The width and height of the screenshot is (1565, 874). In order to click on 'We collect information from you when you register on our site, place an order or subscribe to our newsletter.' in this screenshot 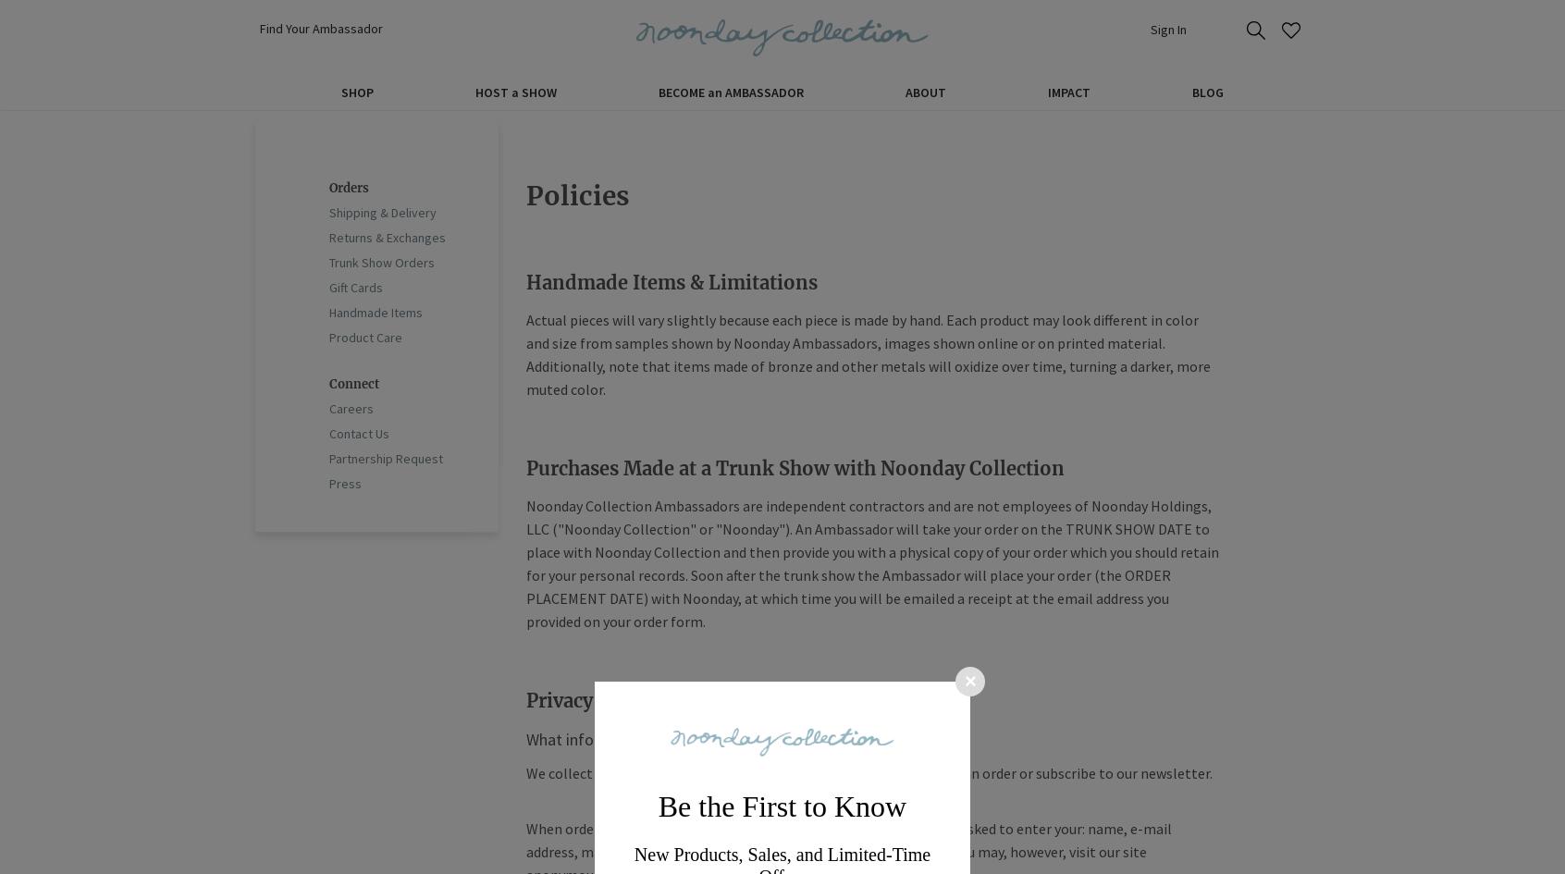, I will do `click(869, 773)`.